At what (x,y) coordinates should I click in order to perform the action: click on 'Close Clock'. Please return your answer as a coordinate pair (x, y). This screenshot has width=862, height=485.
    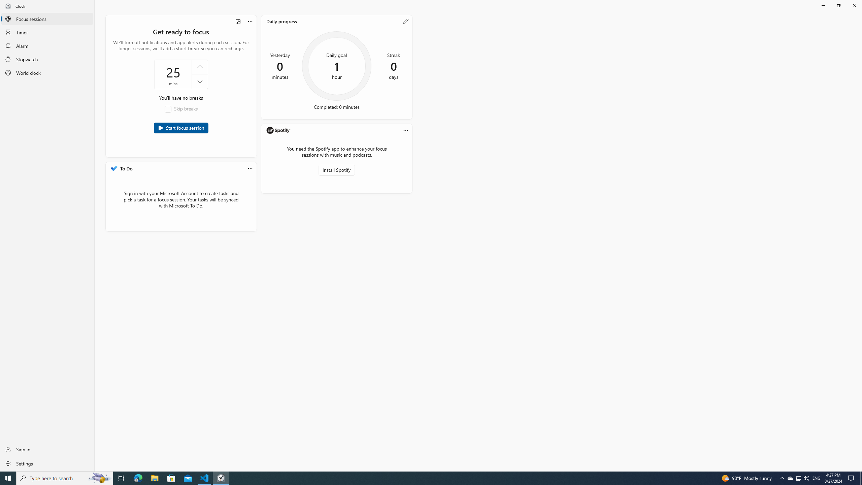
    Looking at the image, I should click on (854, 5).